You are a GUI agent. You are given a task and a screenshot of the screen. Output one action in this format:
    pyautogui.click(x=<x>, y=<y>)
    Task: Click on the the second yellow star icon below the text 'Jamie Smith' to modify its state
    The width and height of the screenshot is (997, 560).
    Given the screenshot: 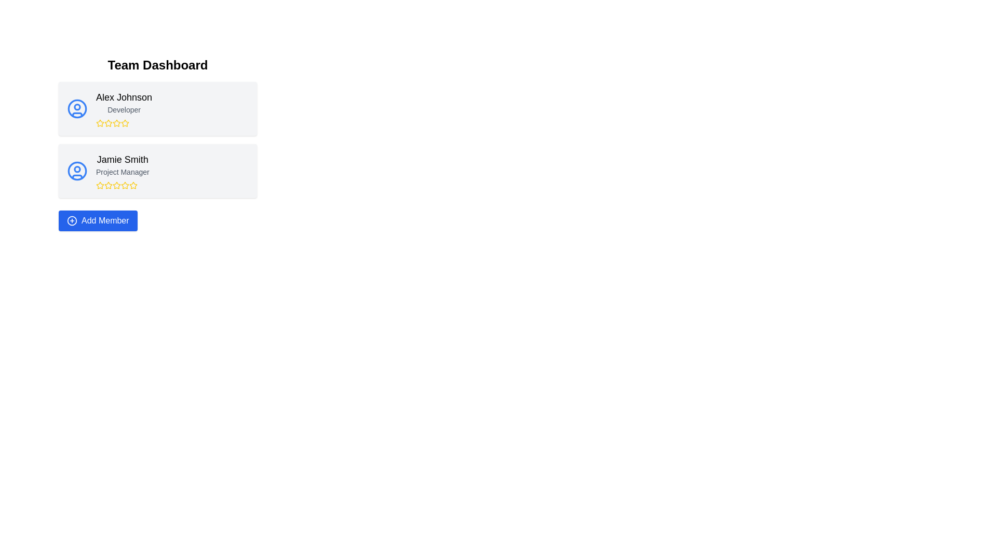 What is the action you would take?
    pyautogui.click(x=109, y=185)
    